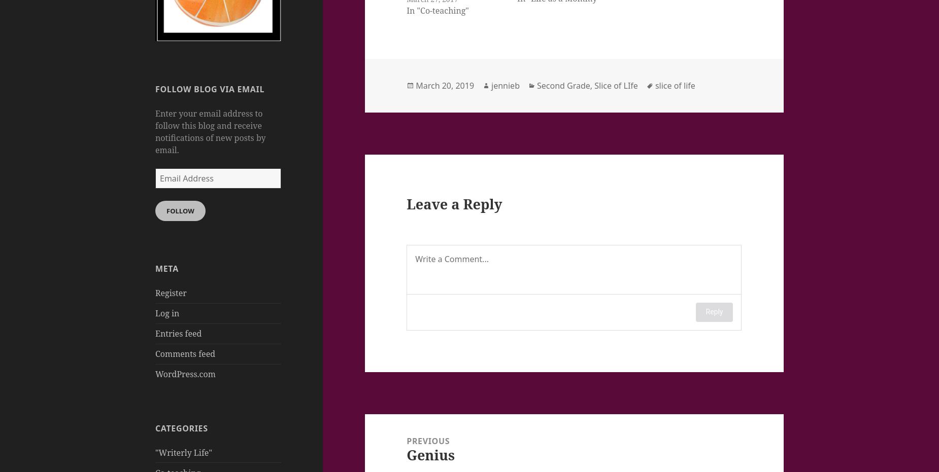 The height and width of the screenshot is (472, 939). What do you see at coordinates (185, 353) in the screenshot?
I see `'Comments feed'` at bounding box center [185, 353].